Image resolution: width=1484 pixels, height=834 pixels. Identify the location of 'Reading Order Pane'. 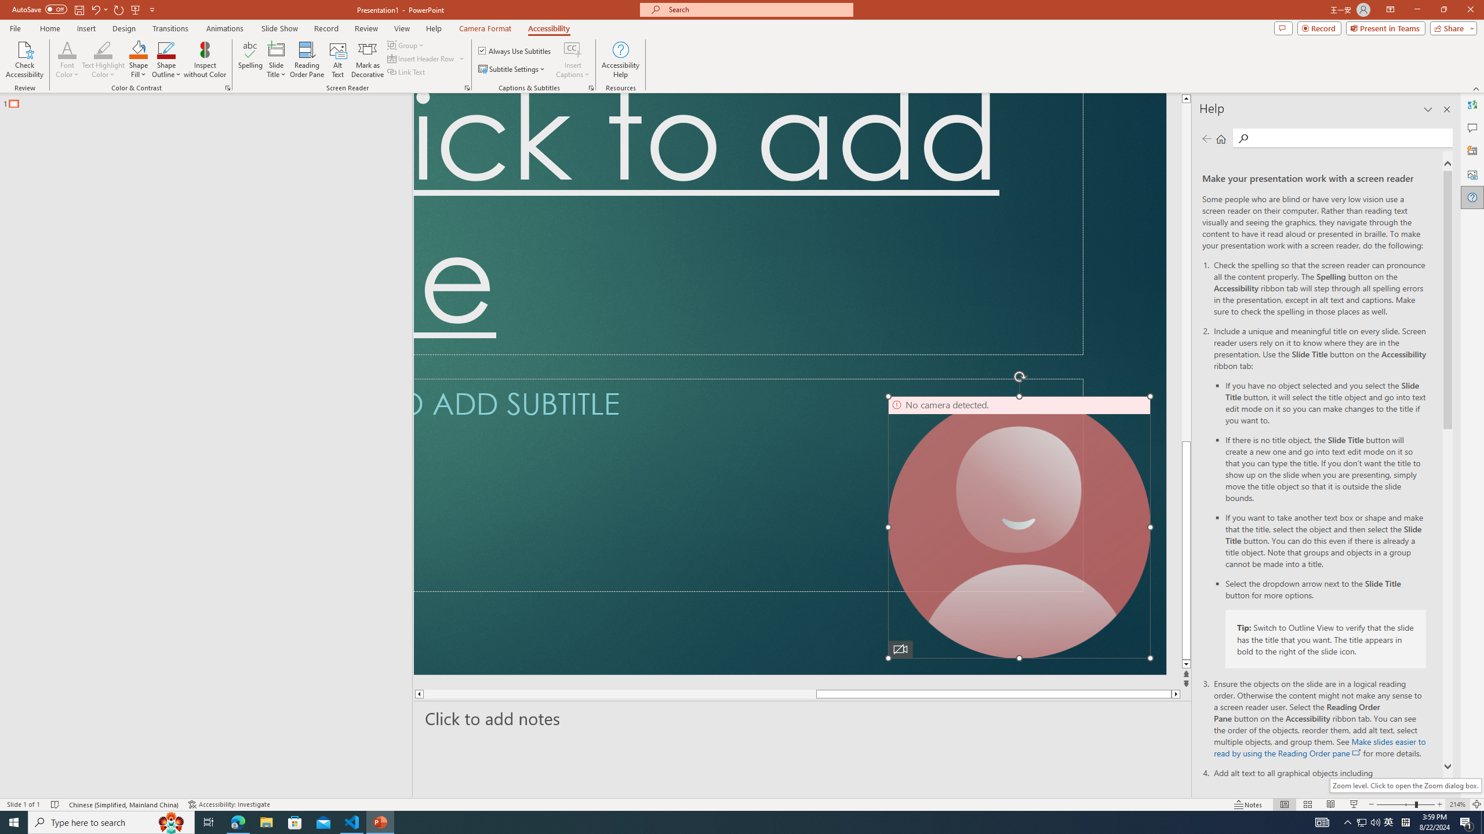
(307, 60).